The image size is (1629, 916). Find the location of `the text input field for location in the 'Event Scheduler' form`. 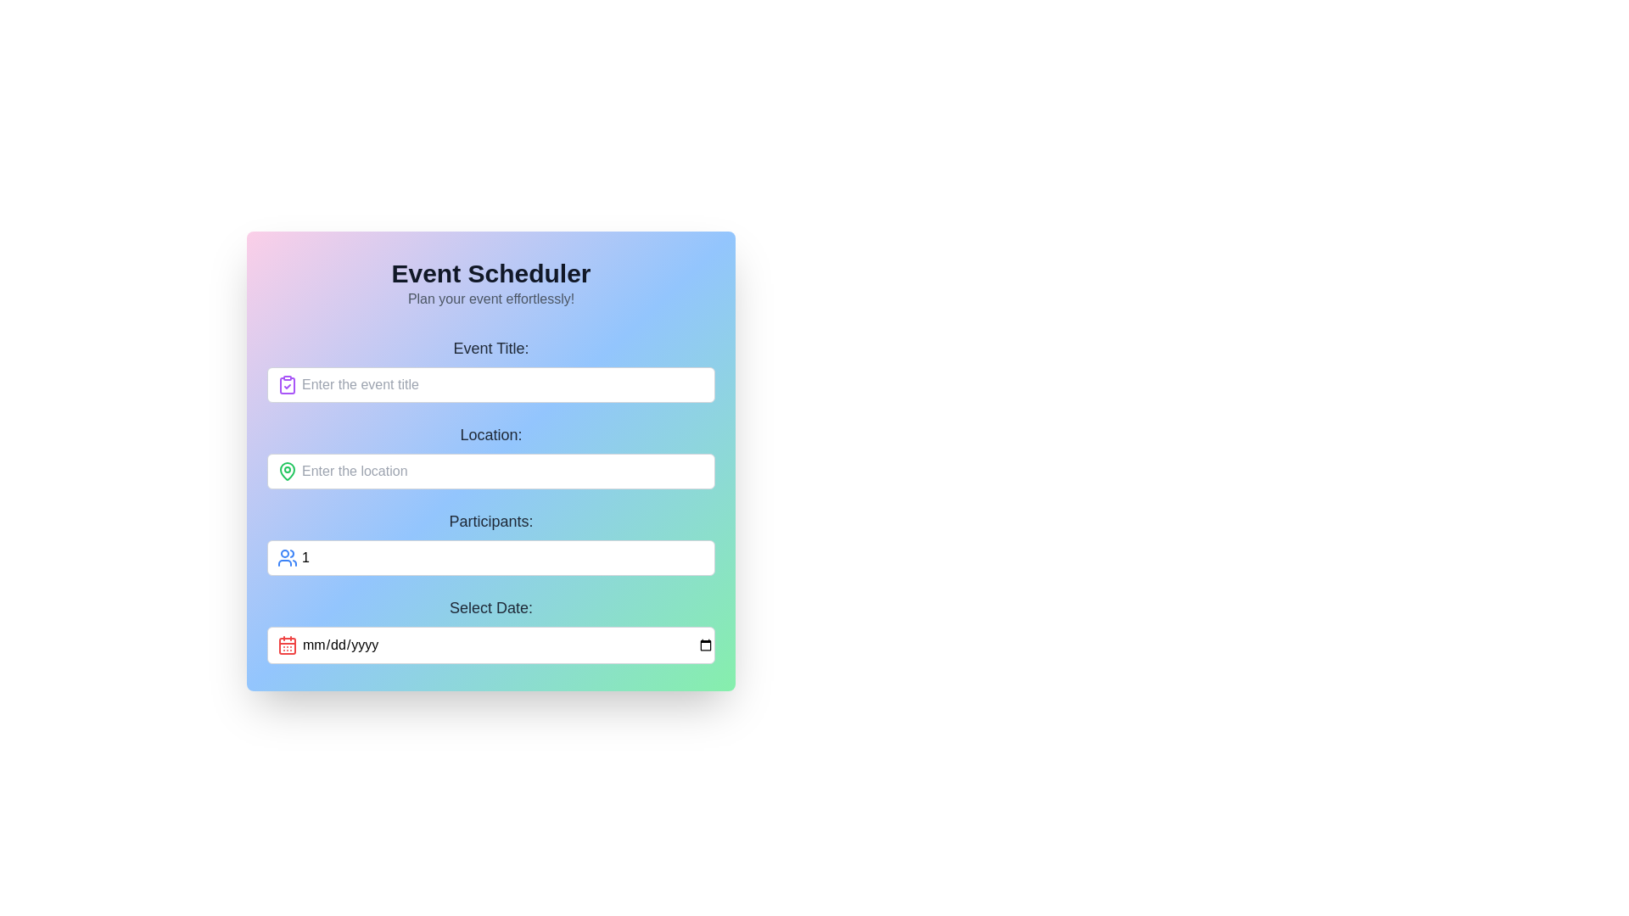

the text input field for location in the 'Event Scheduler' form is located at coordinates (490, 455).